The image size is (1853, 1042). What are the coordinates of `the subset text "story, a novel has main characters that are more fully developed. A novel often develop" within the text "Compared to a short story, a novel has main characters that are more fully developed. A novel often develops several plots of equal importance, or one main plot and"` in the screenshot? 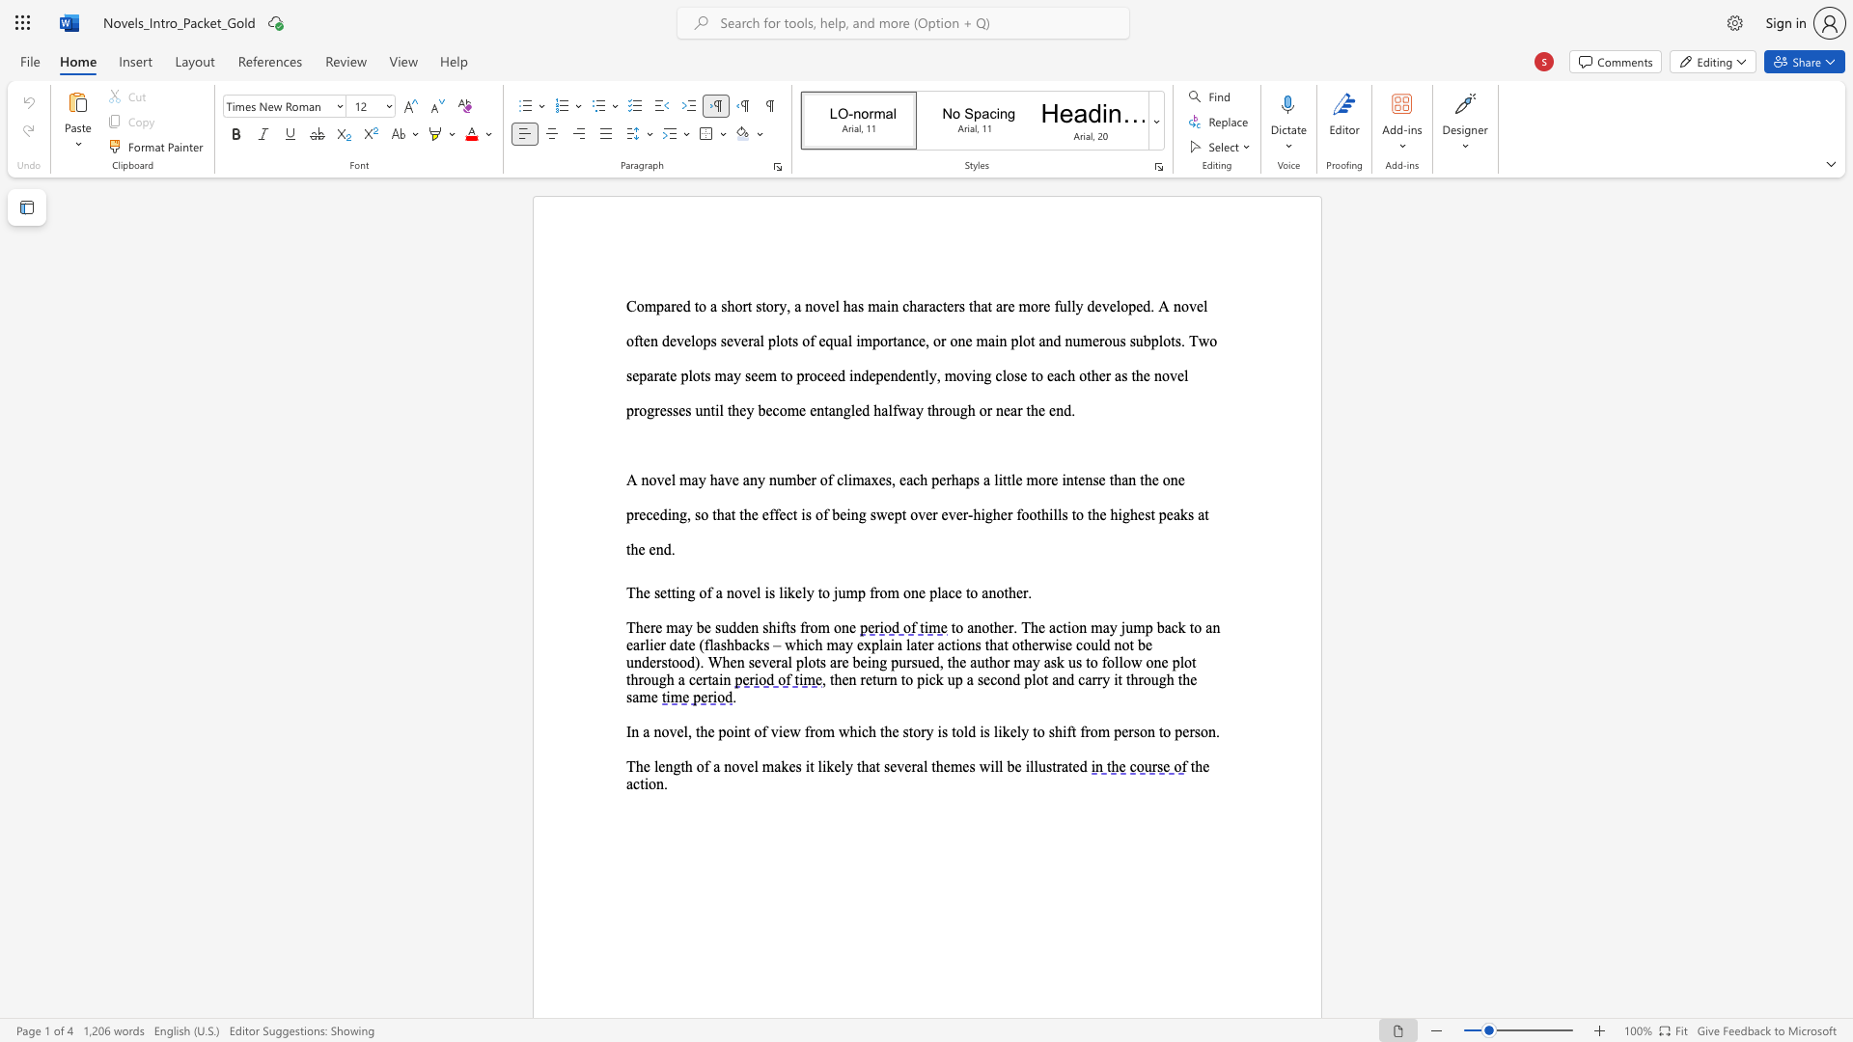 It's located at (755, 305).